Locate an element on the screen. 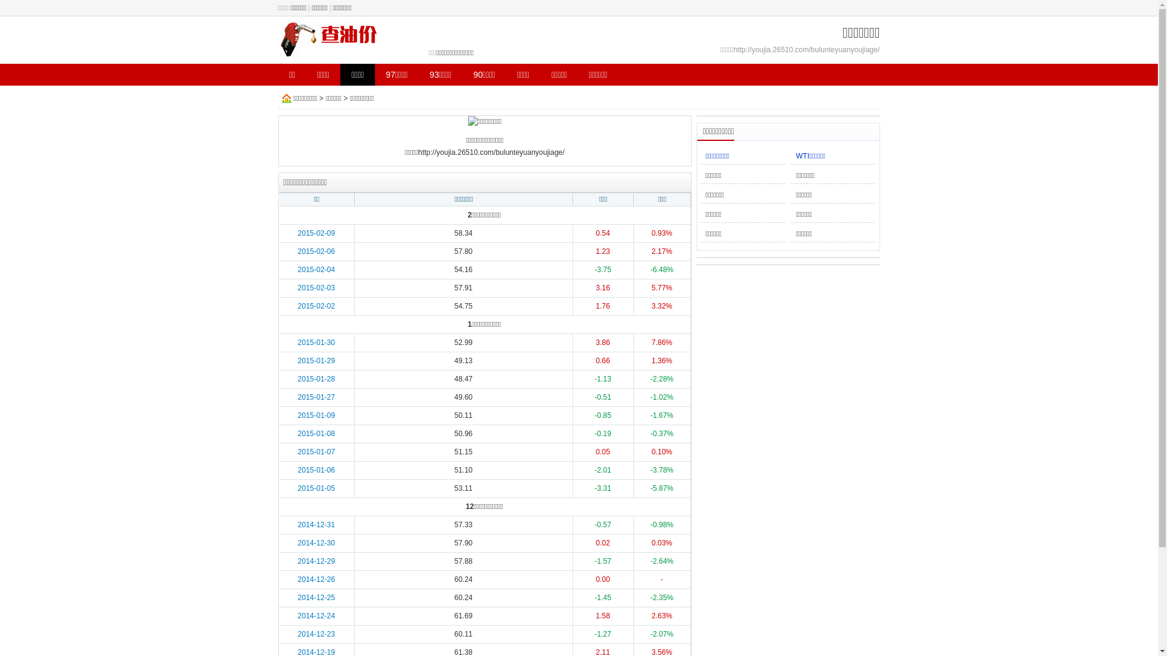  '2014-12-26' is located at coordinates (316, 578).